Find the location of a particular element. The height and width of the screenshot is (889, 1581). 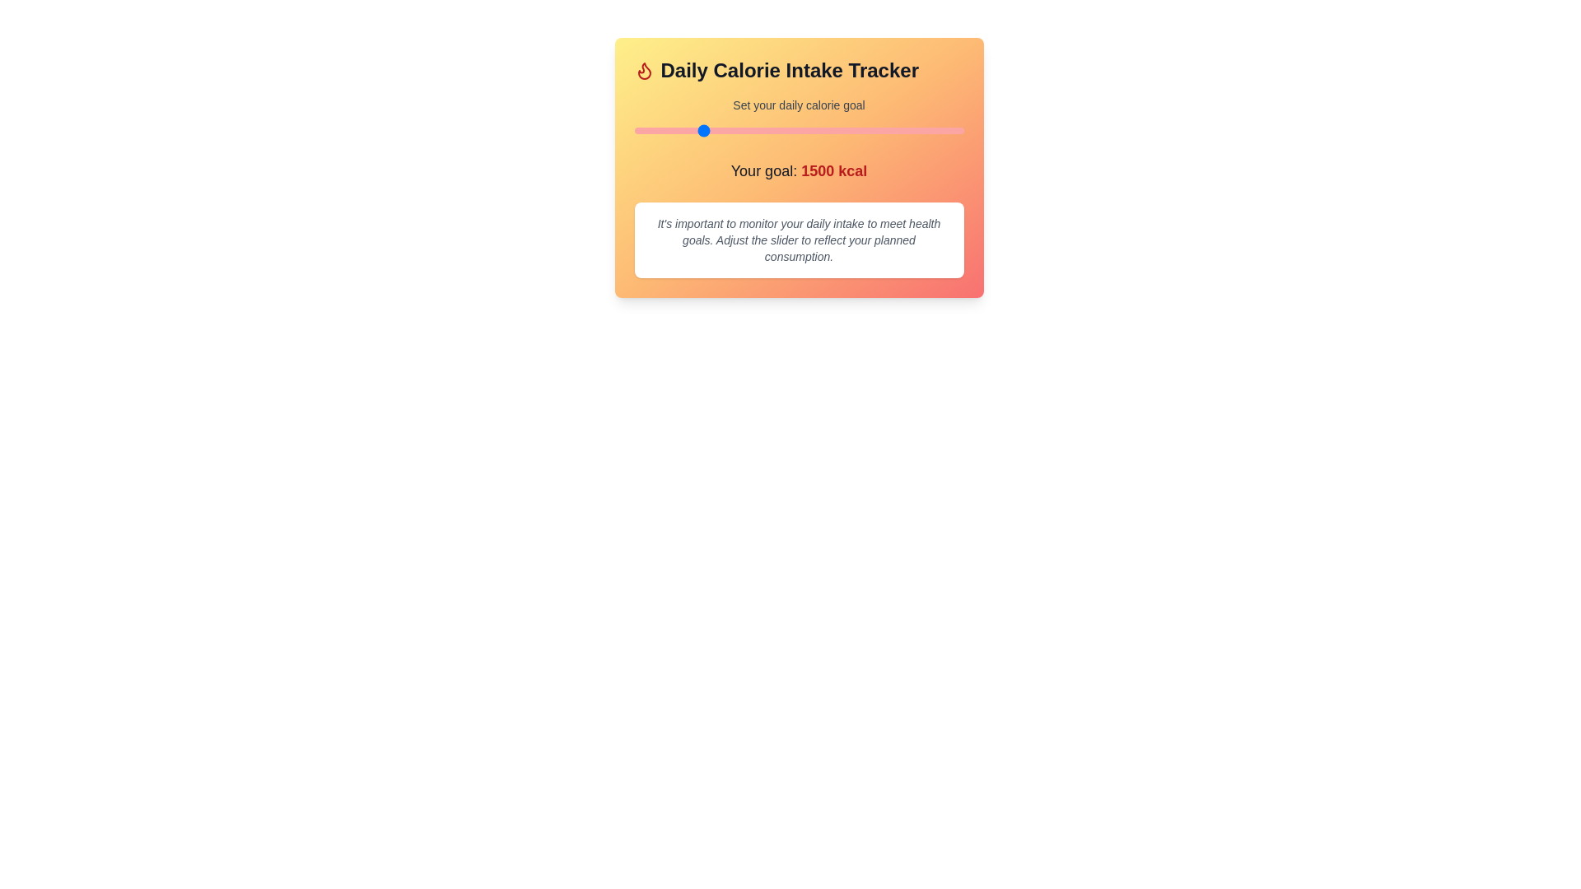

the calorie goal slider to a value of 3370 is located at coordinates (946, 129).